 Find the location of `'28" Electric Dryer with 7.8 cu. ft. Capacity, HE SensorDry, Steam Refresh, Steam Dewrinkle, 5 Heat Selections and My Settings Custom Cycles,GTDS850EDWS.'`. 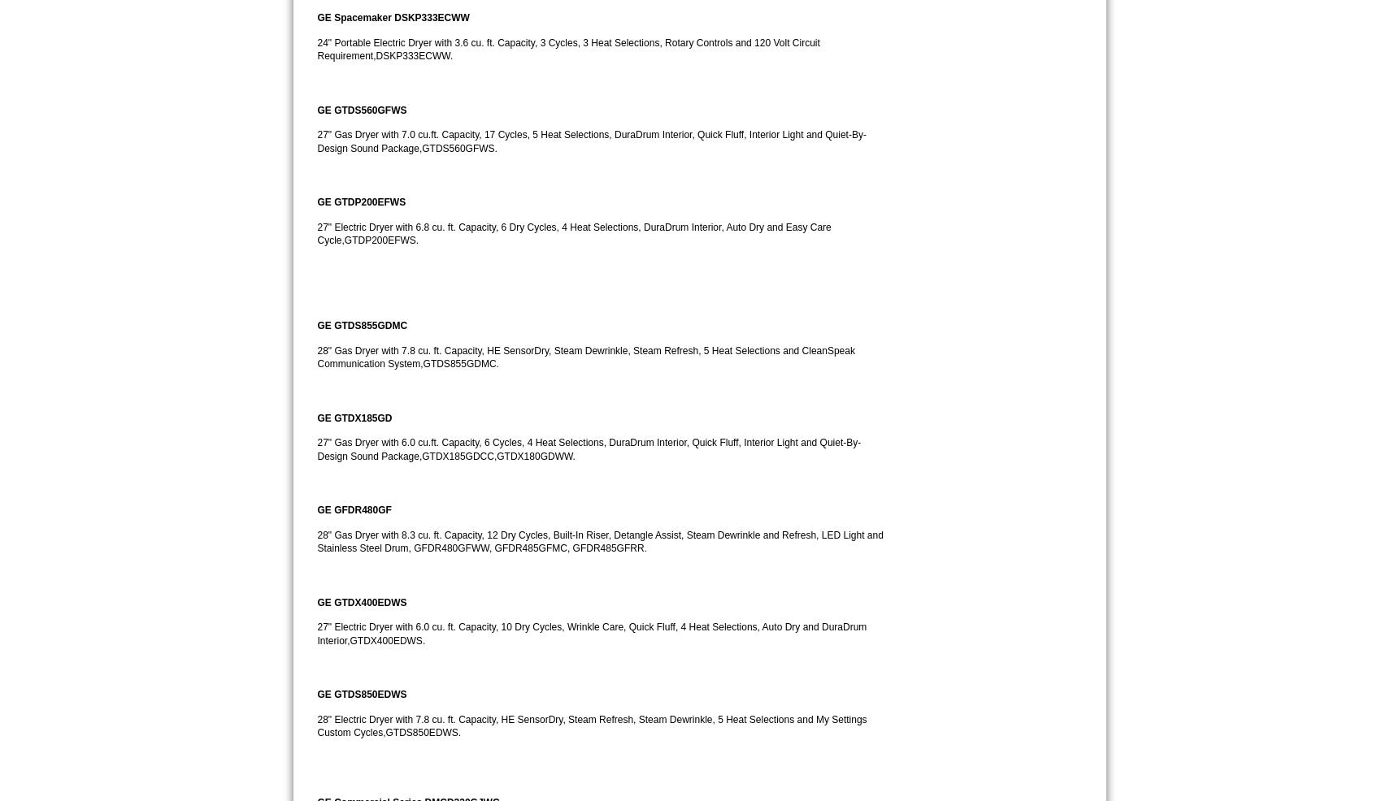

'28" Electric Dryer with 7.8 cu. ft. Capacity, HE SensorDry, Steam Refresh, Steam Dewrinkle, 5 Heat Selections and My Settings Custom Cycles,GTDS850EDWS.' is located at coordinates (593, 725).